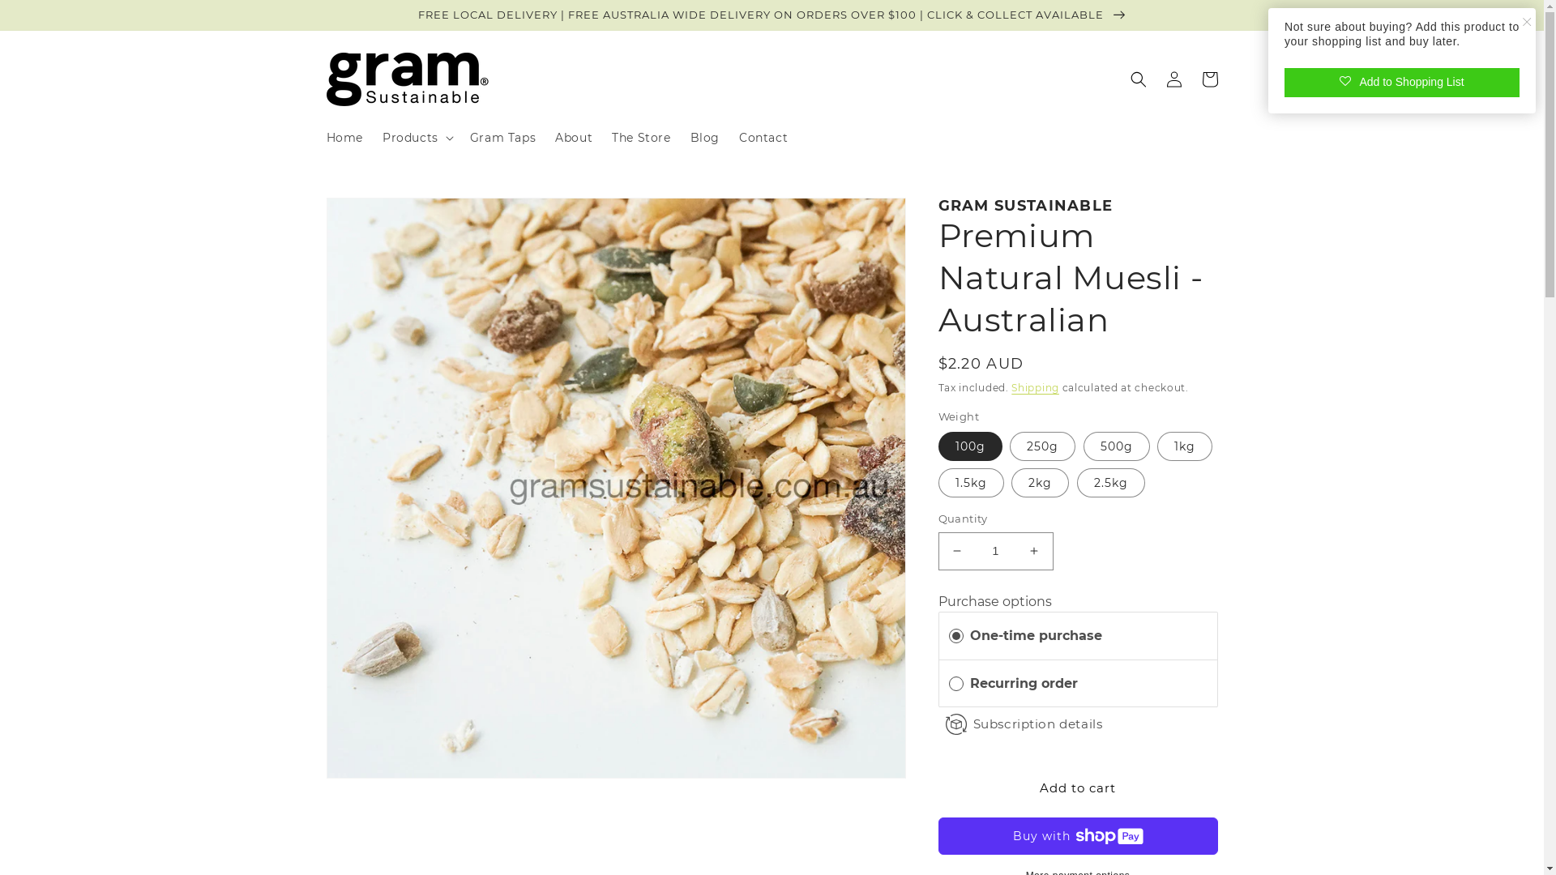 The height and width of the screenshot is (875, 1556). Describe the element at coordinates (1173, 79) in the screenshot. I see `'Log in'` at that location.